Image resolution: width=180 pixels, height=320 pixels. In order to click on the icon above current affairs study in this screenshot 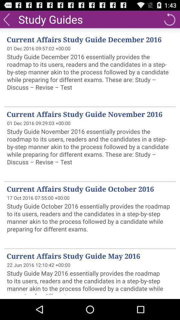, I will do `click(169, 19)`.